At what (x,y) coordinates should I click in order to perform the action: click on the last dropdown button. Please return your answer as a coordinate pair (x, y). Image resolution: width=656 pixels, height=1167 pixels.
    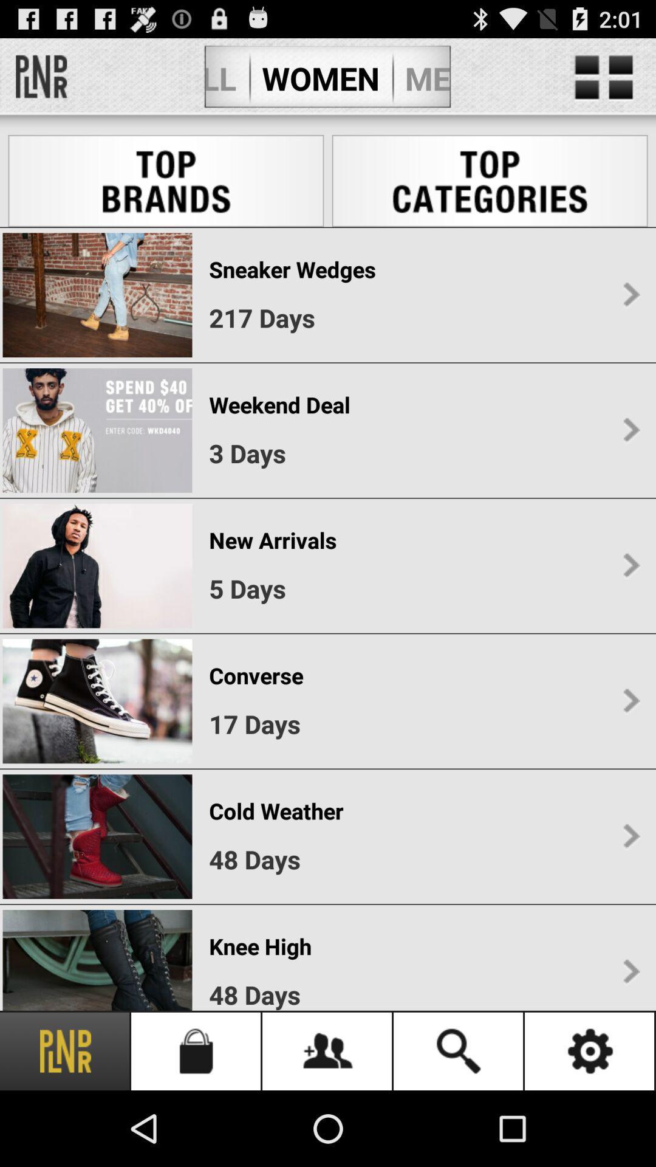
    Looking at the image, I should click on (630, 971).